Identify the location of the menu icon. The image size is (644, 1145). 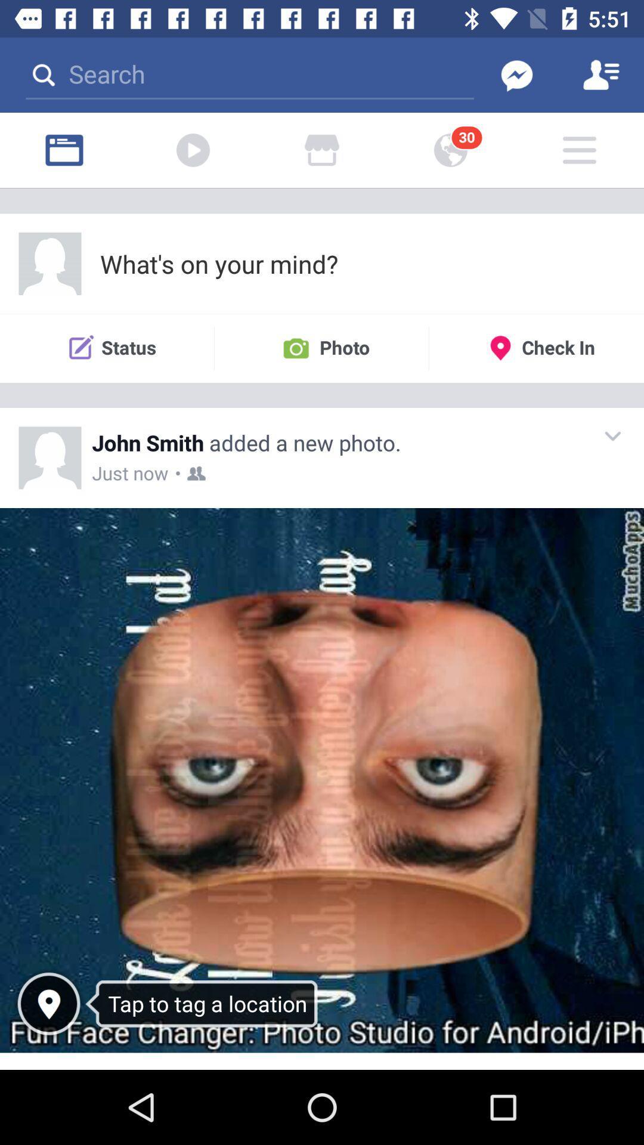
(579, 150).